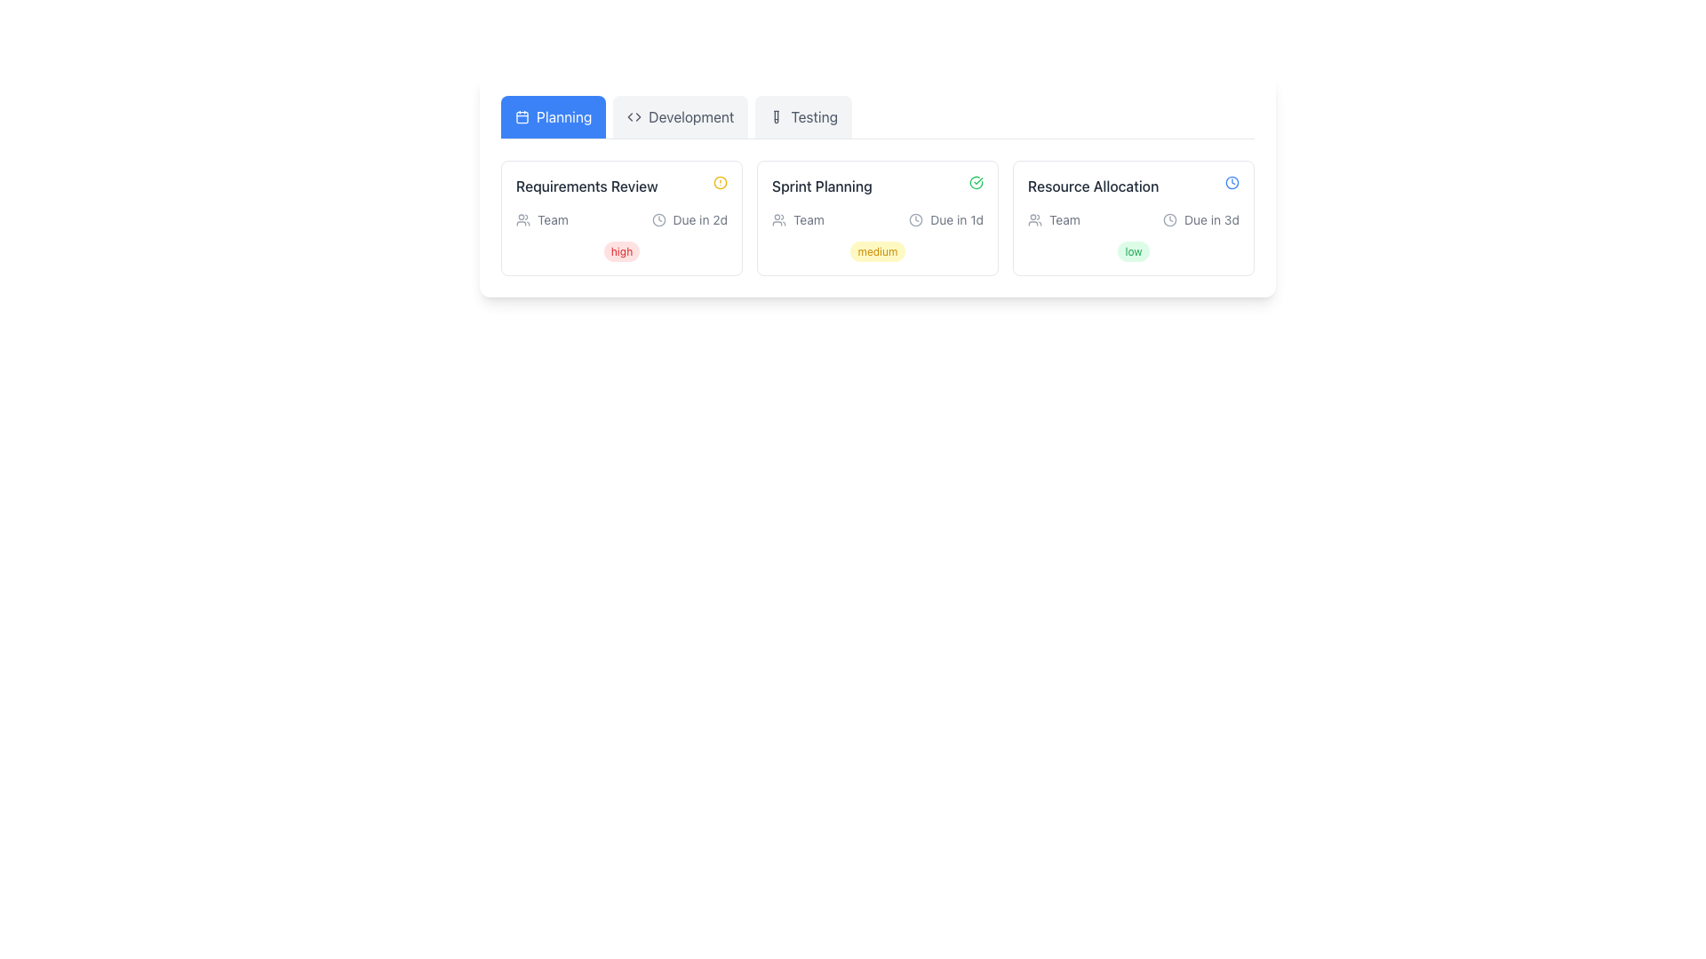  What do you see at coordinates (690, 116) in the screenshot?
I see `the 'Development' text label in the navigation interface` at bounding box center [690, 116].